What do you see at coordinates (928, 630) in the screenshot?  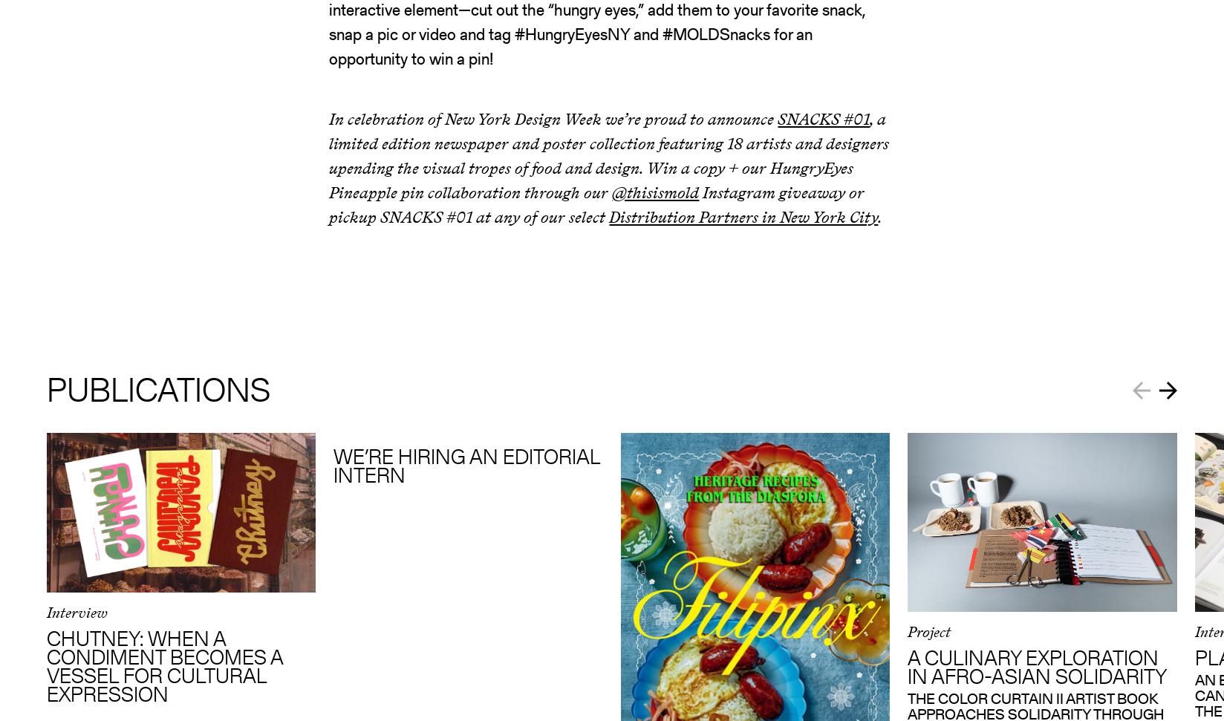 I see `'Project'` at bounding box center [928, 630].